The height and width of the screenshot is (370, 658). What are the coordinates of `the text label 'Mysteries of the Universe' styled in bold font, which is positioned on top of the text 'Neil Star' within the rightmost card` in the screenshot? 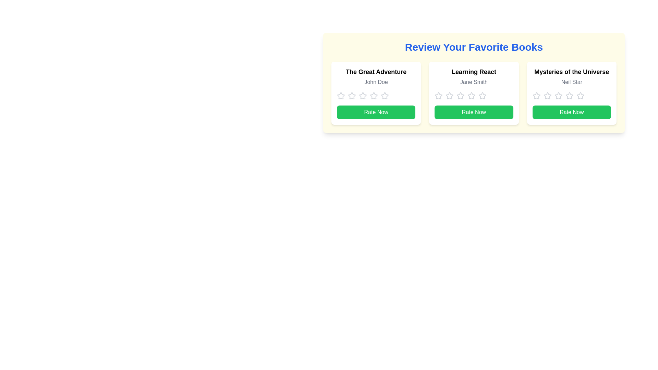 It's located at (572, 72).